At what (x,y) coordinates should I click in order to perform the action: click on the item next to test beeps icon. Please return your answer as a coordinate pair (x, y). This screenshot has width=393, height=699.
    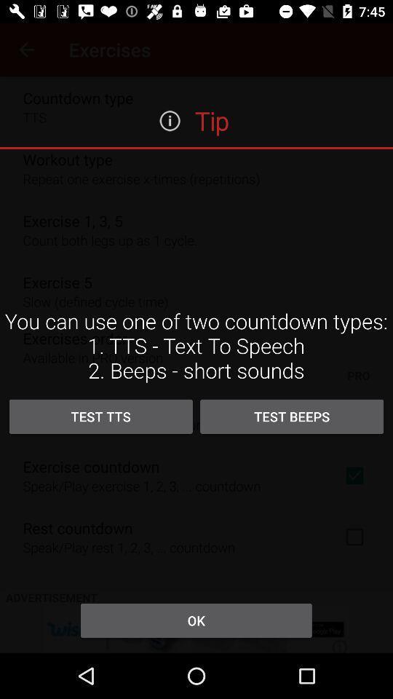
    Looking at the image, I should click on (100, 416).